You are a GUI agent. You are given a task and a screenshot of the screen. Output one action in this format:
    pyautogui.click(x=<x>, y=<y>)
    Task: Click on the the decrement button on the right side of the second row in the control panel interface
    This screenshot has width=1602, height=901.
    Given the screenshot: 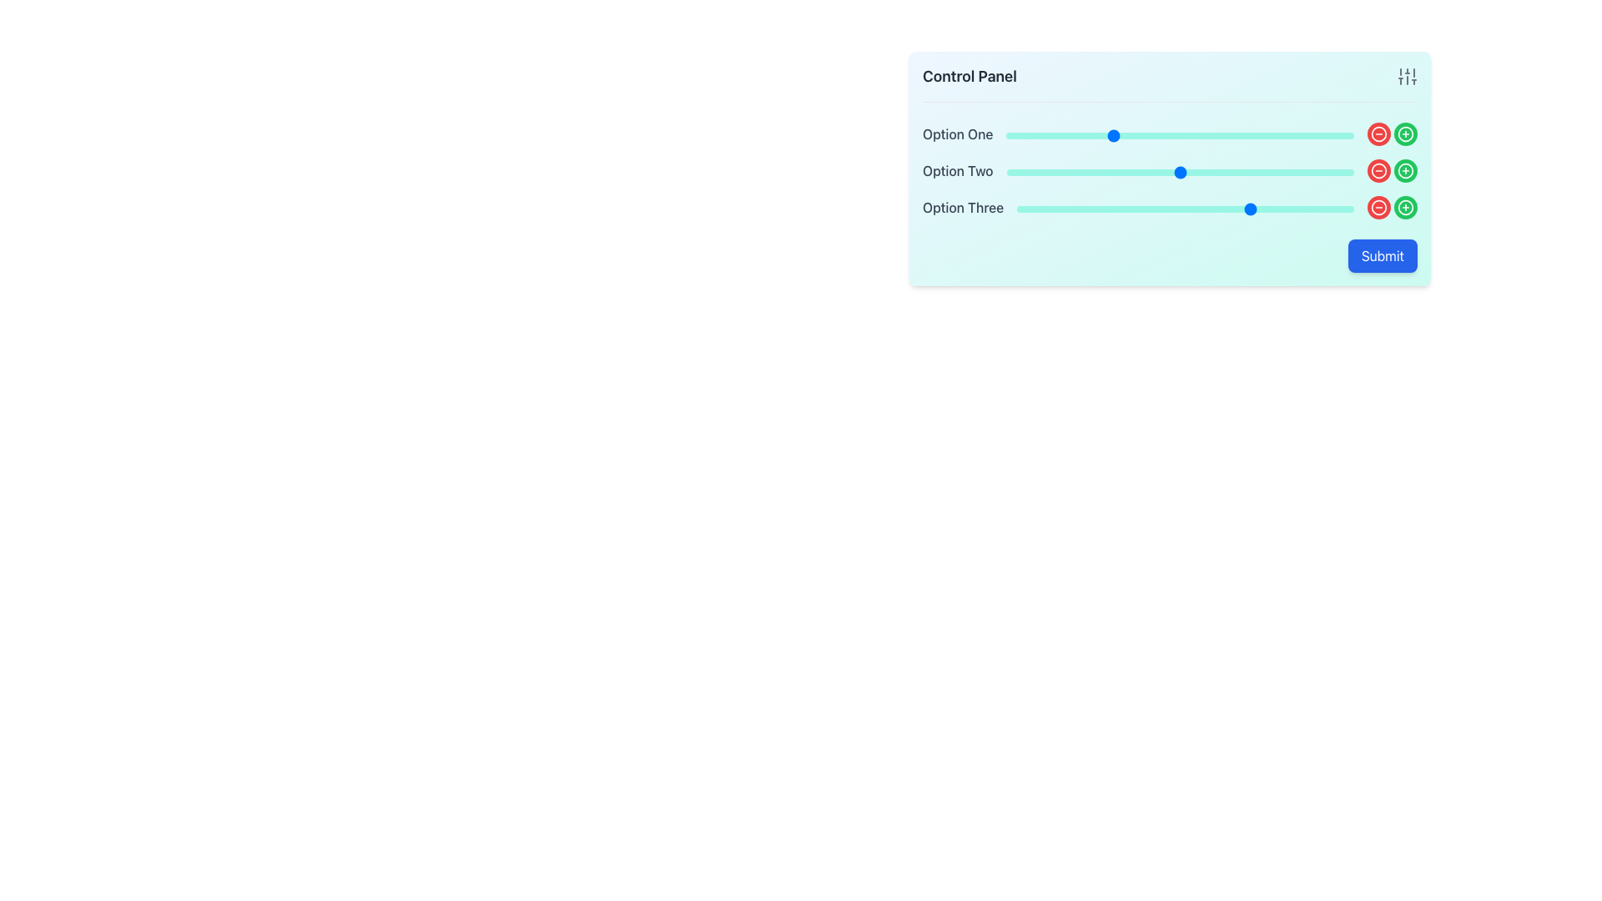 What is the action you would take?
    pyautogui.click(x=1378, y=170)
    